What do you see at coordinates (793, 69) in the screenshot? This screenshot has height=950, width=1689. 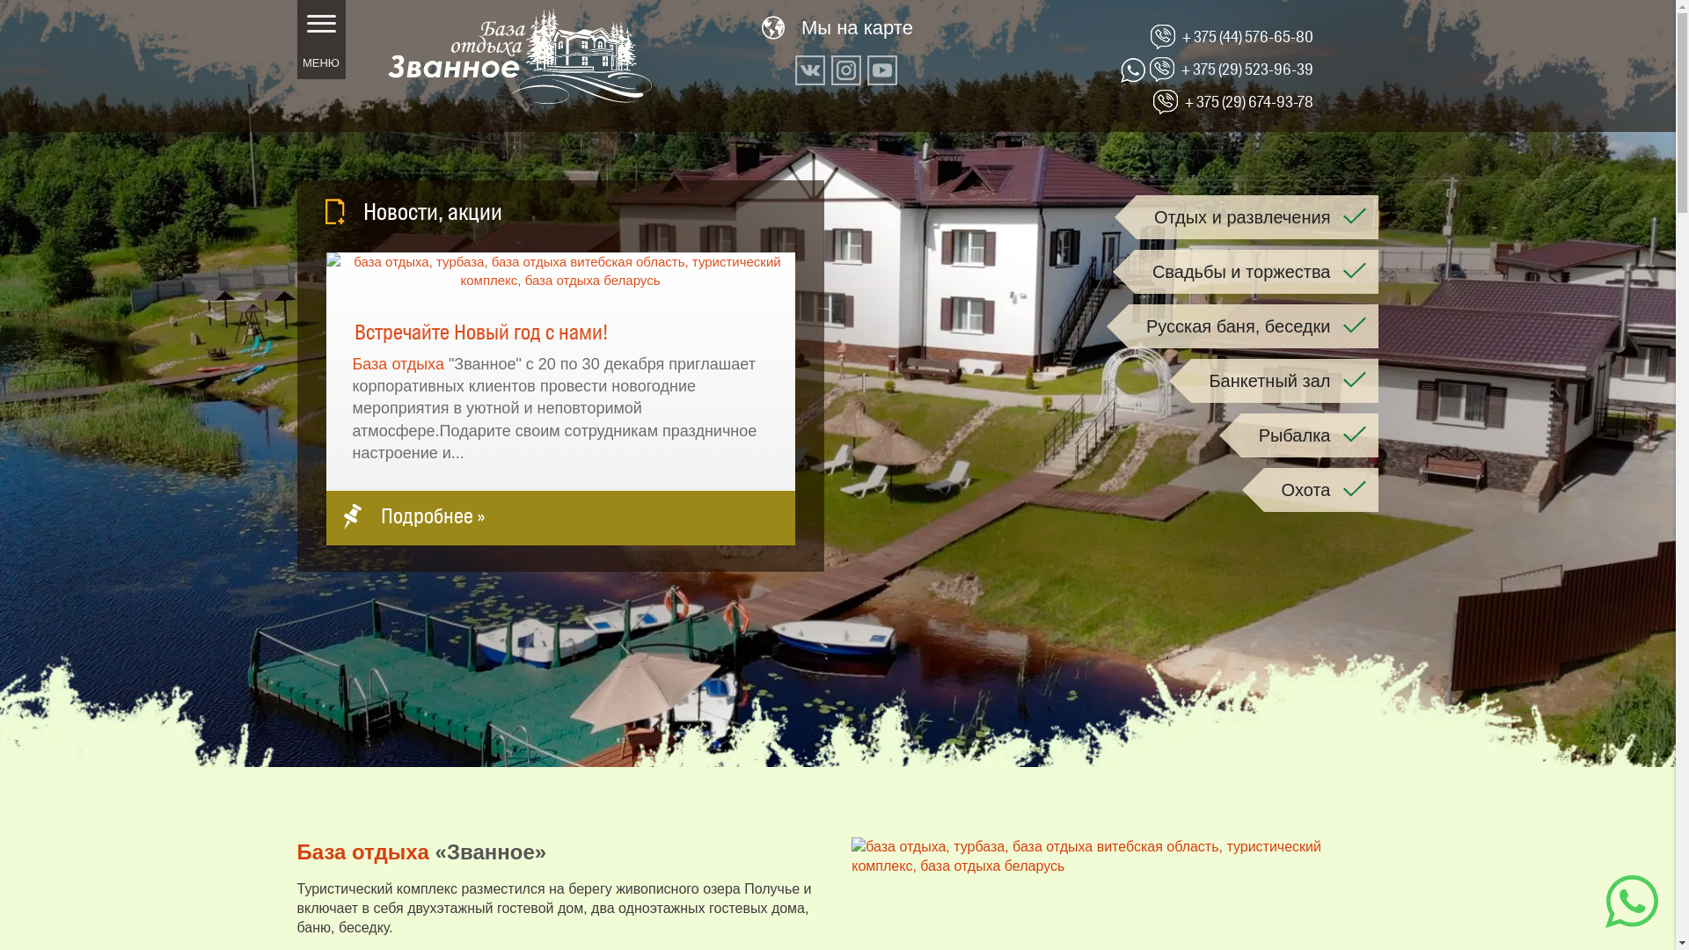 I see `'Vkontakte'` at bounding box center [793, 69].